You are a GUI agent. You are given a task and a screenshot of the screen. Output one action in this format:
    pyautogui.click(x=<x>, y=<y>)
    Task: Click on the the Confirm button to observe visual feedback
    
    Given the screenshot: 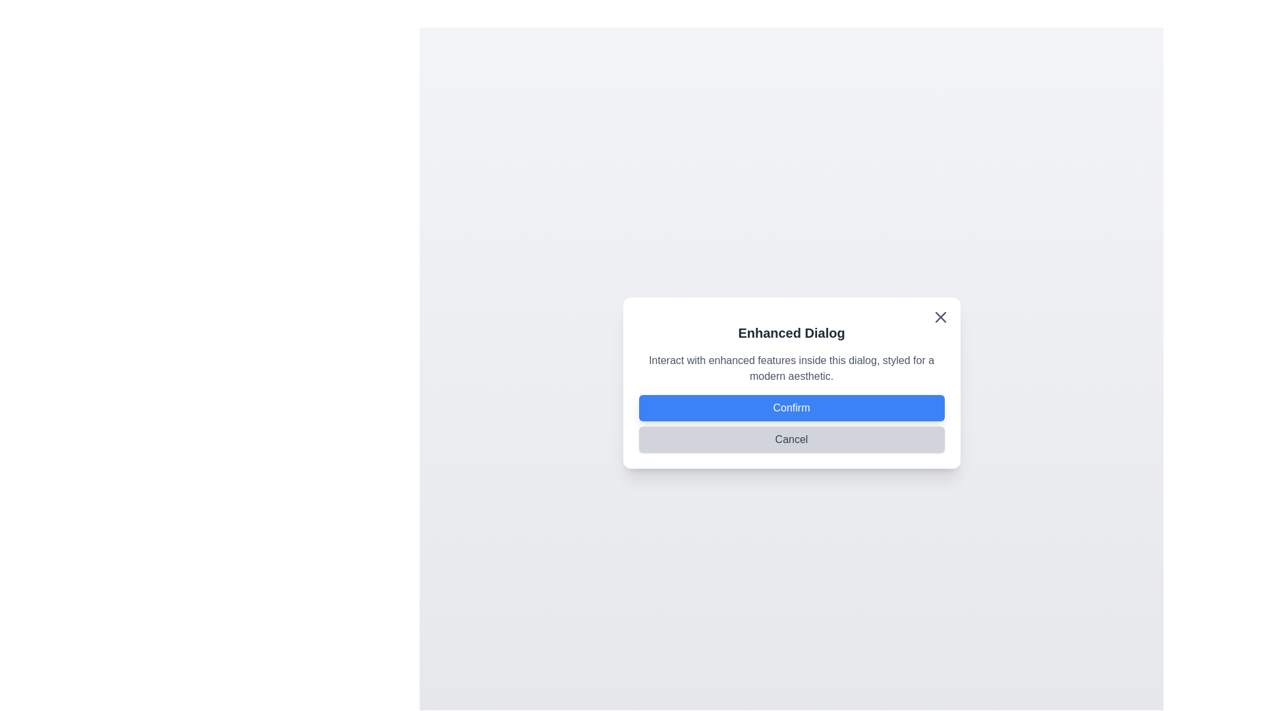 What is the action you would take?
    pyautogui.click(x=791, y=408)
    